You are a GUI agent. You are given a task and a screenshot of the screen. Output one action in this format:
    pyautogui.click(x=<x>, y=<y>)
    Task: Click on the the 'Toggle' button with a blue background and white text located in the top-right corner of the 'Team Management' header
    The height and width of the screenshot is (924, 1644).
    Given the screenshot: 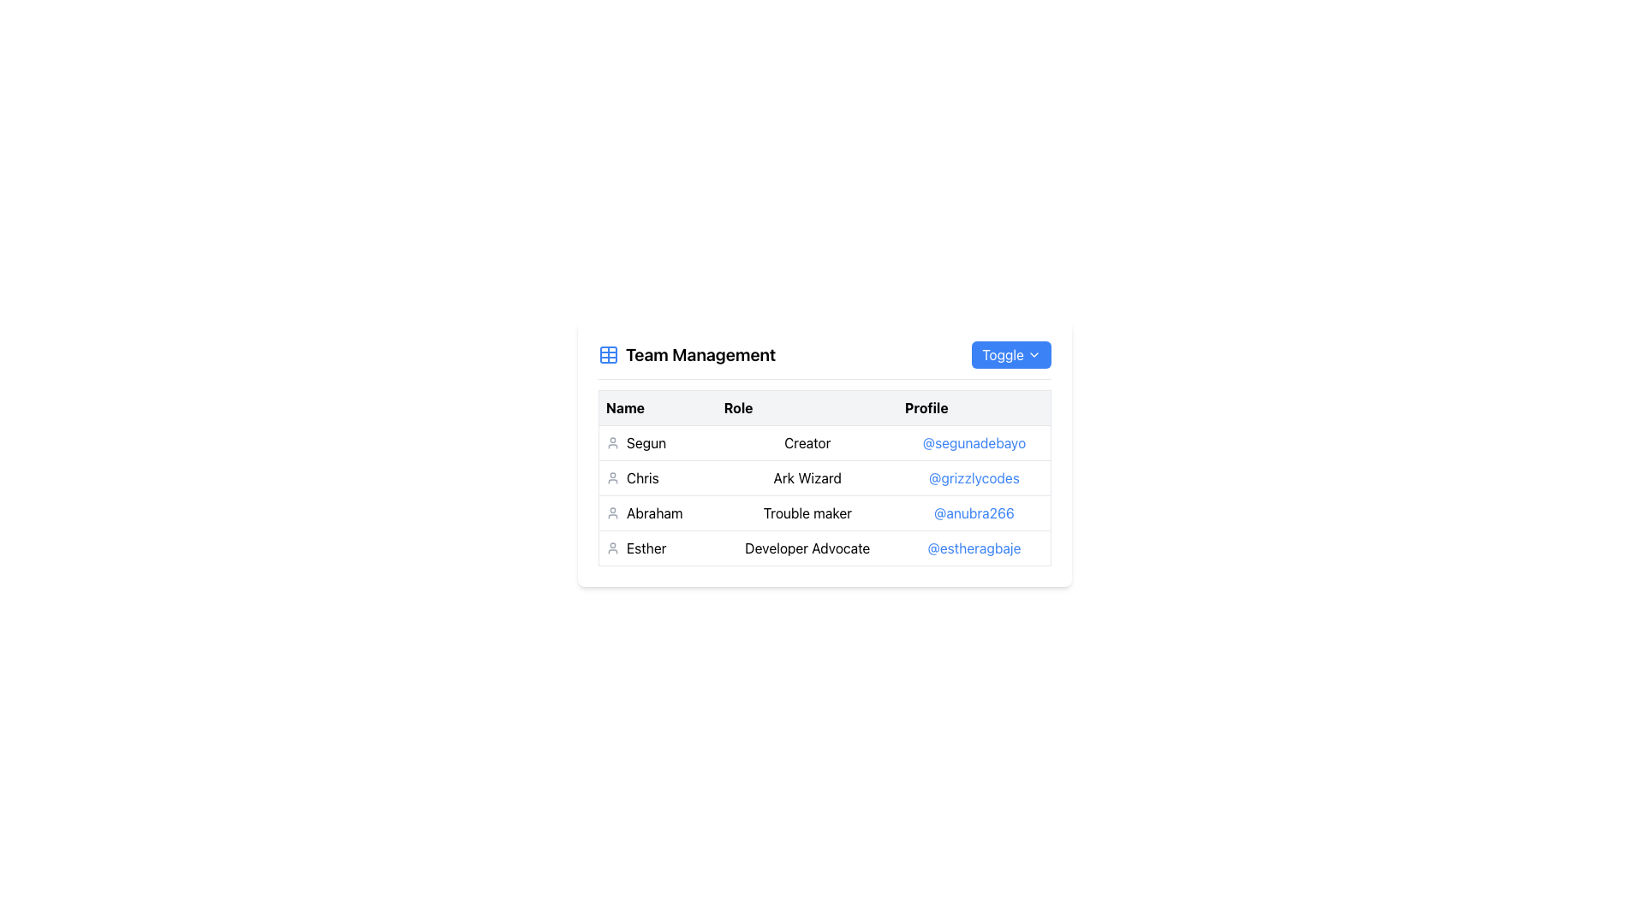 What is the action you would take?
    pyautogui.click(x=1011, y=354)
    